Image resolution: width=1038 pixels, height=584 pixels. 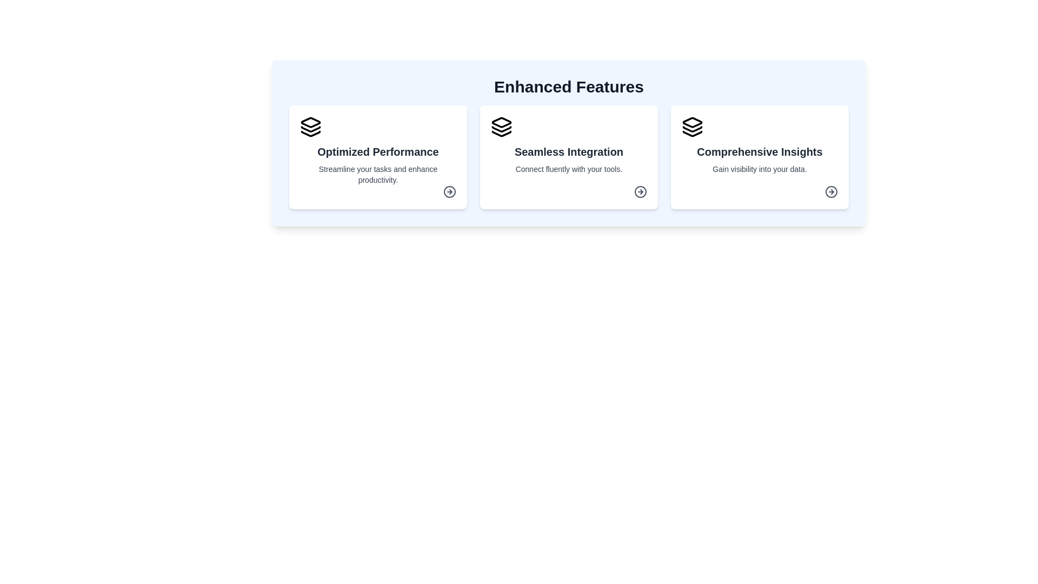 I want to click on the informational text block that contains the text 'Connect fluently with your tools.' positioned in the second card below the header 'Seamless Integration', so click(x=568, y=174).